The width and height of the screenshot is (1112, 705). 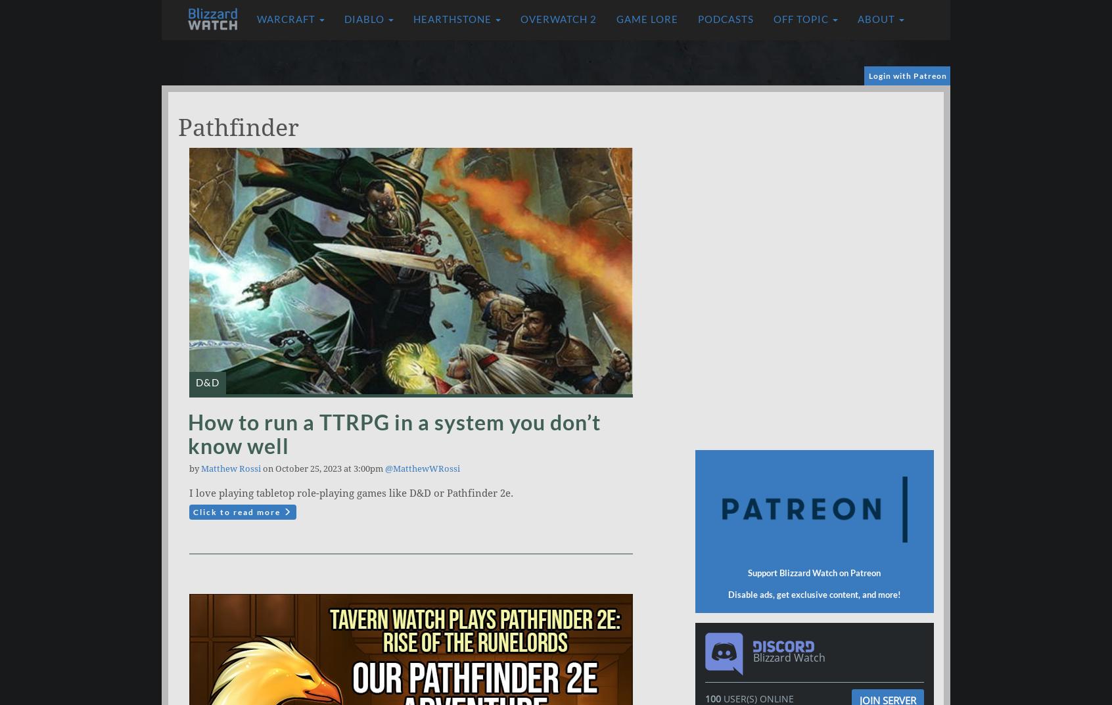 What do you see at coordinates (558, 18) in the screenshot?
I see `'Overwatch 2'` at bounding box center [558, 18].